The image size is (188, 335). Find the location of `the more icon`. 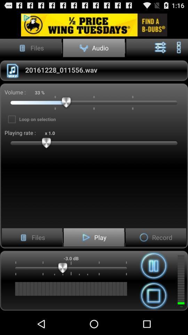

the more icon is located at coordinates (179, 50).